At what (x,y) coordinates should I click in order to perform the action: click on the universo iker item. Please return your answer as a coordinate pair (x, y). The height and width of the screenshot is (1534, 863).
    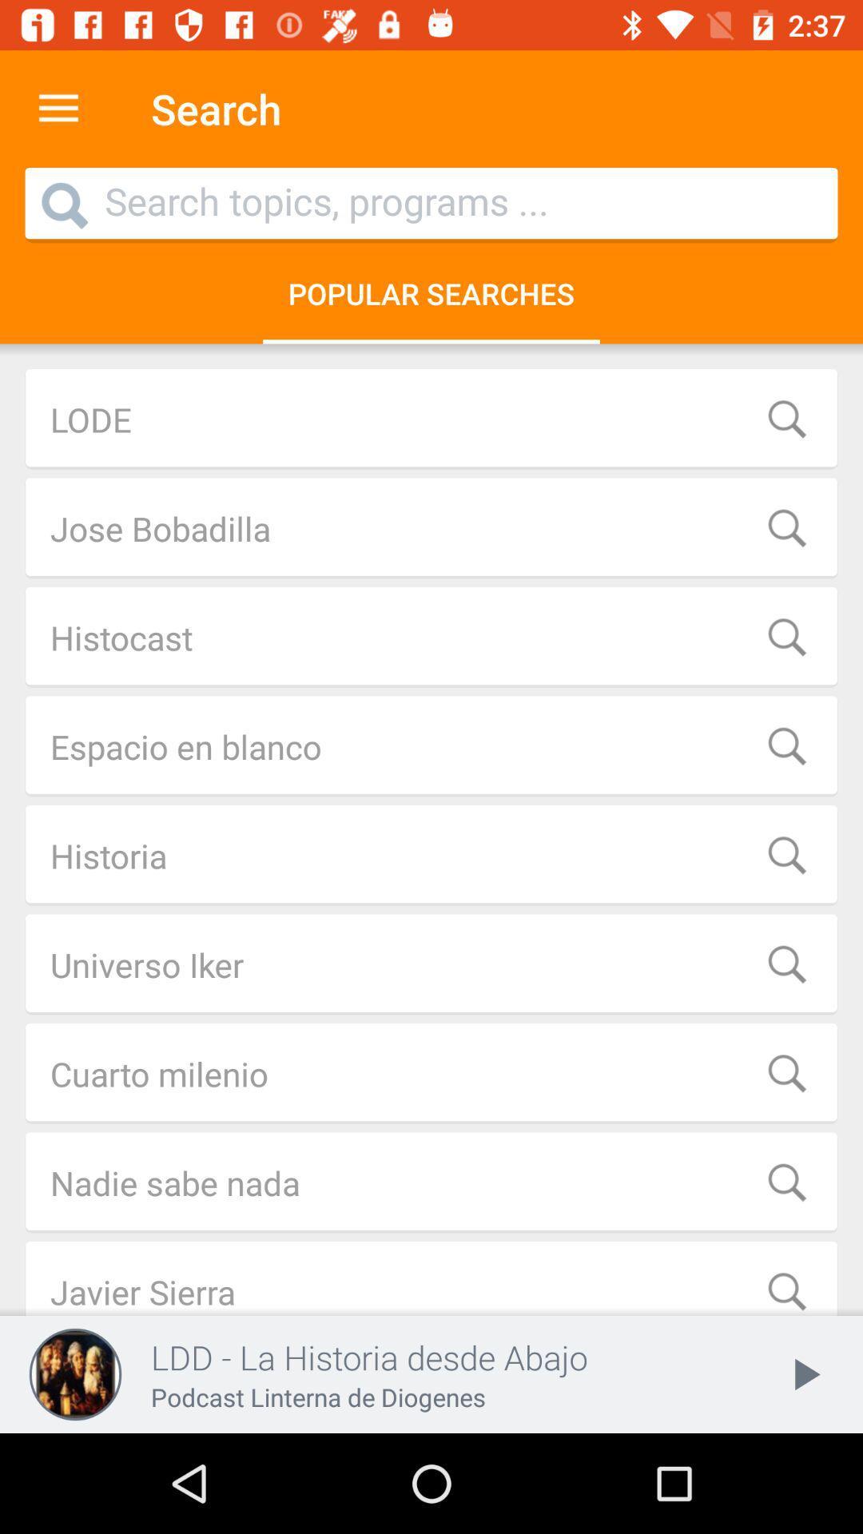
    Looking at the image, I should click on (431, 964).